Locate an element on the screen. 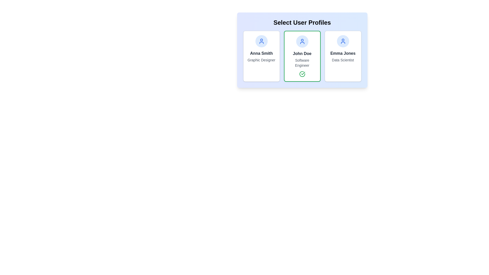 Image resolution: width=489 pixels, height=275 pixels. the profile card of Anna Smith to observe its scaling animation is located at coordinates (261, 56).